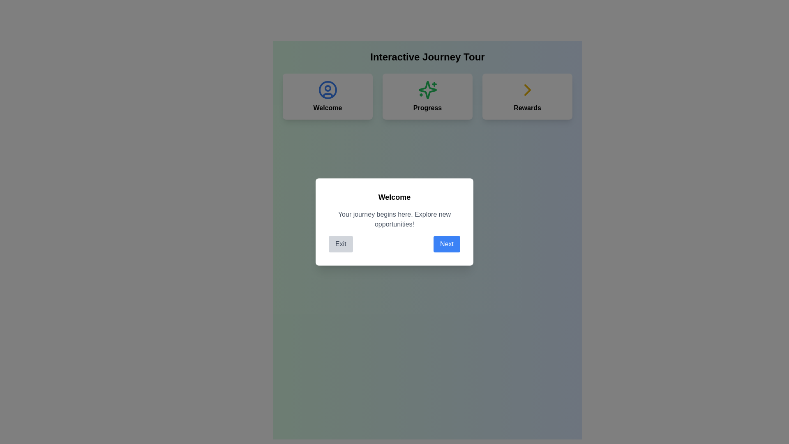 The image size is (789, 444). What do you see at coordinates (327, 90) in the screenshot?
I see `the outermost circular component of the user icon, which is located at the leftmost position among the three icons below the 'Interactive Journey Tour' heading` at bounding box center [327, 90].